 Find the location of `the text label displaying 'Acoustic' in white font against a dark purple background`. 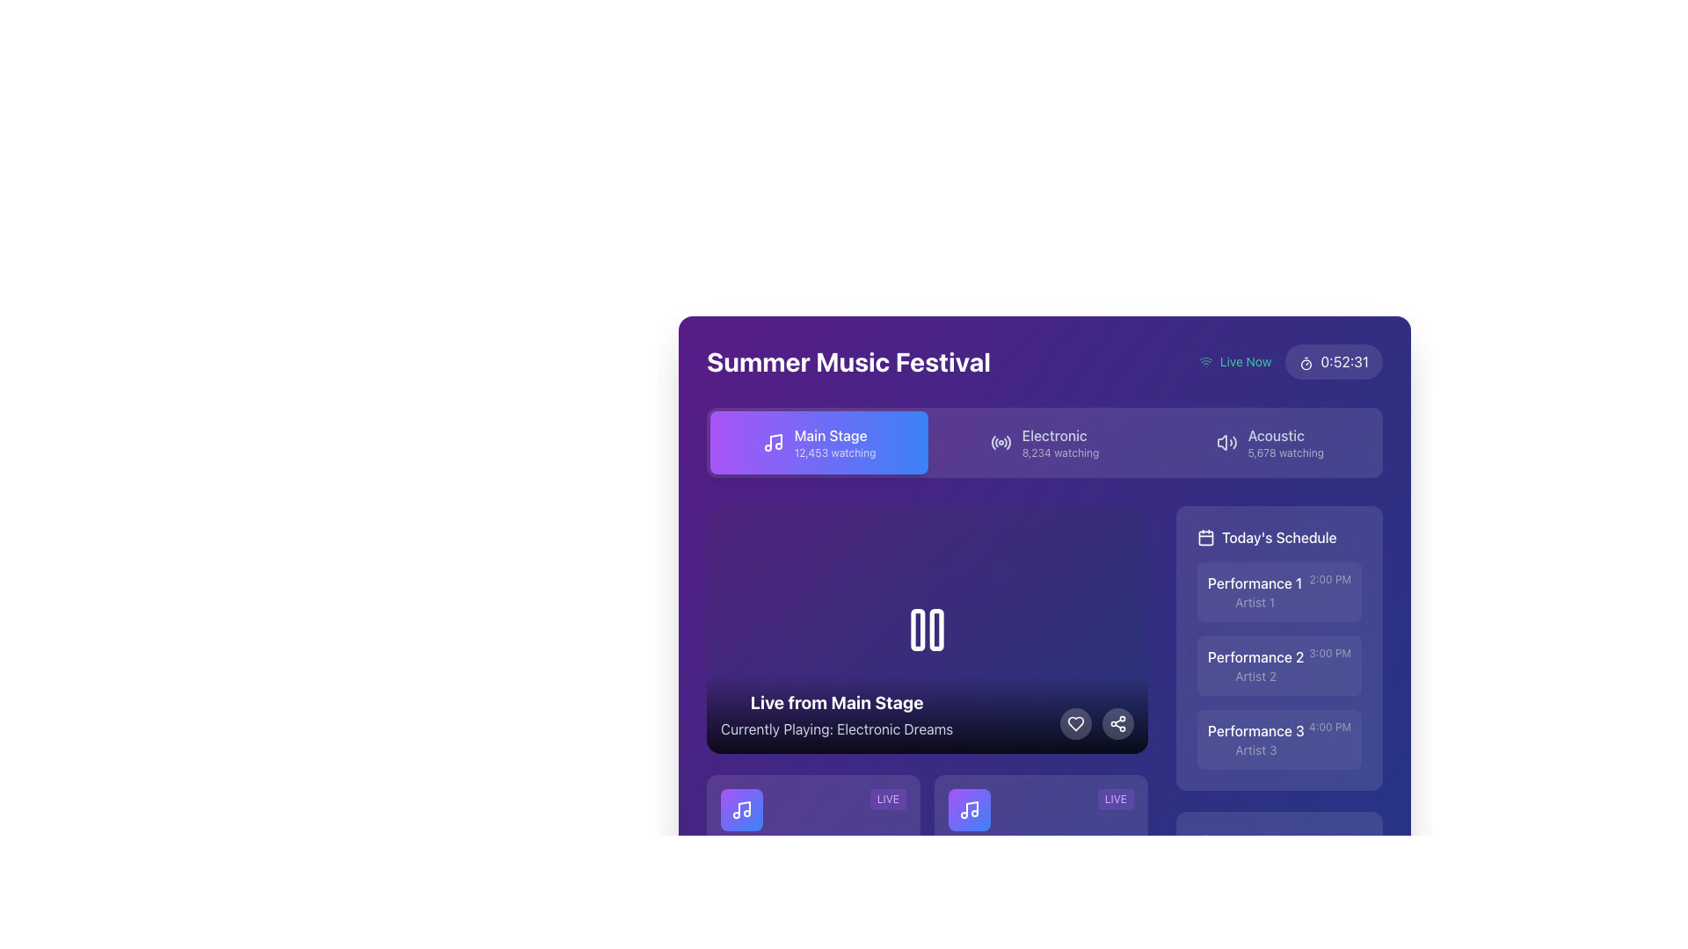

the text label displaying 'Acoustic' in white font against a dark purple background is located at coordinates (1285, 435).